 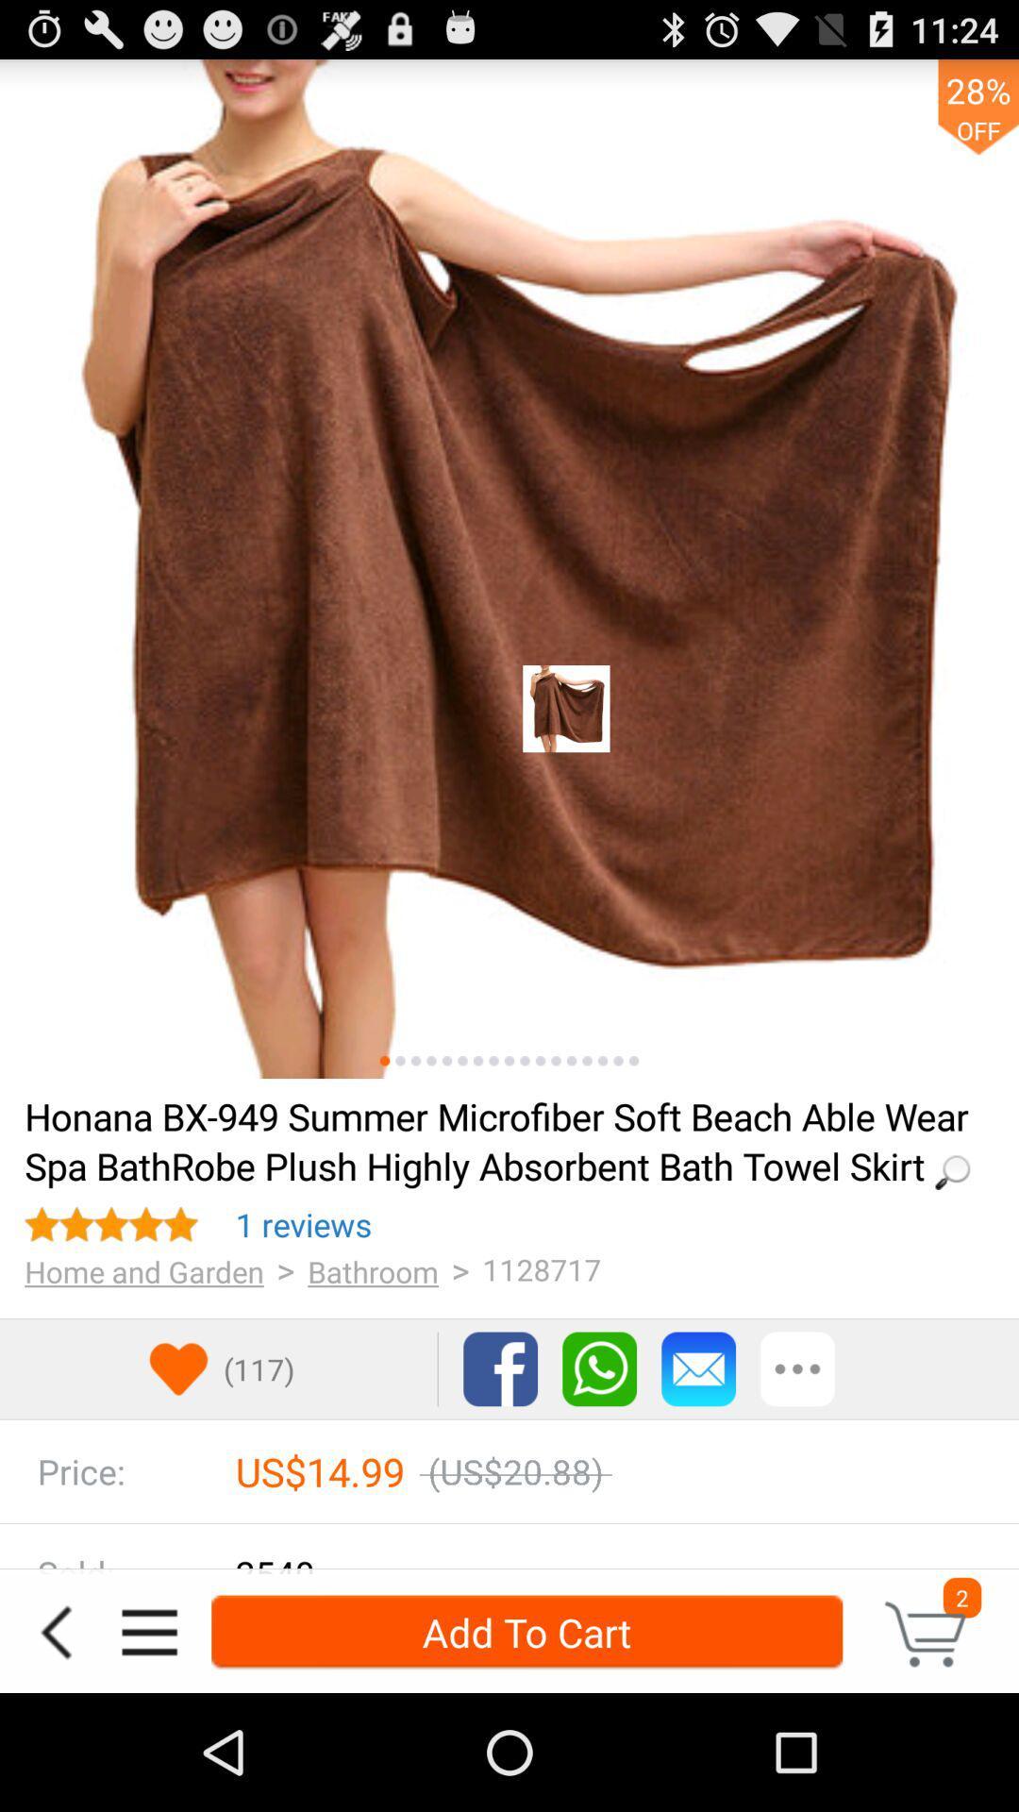 What do you see at coordinates (55, 1631) in the screenshot?
I see `go back` at bounding box center [55, 1631].